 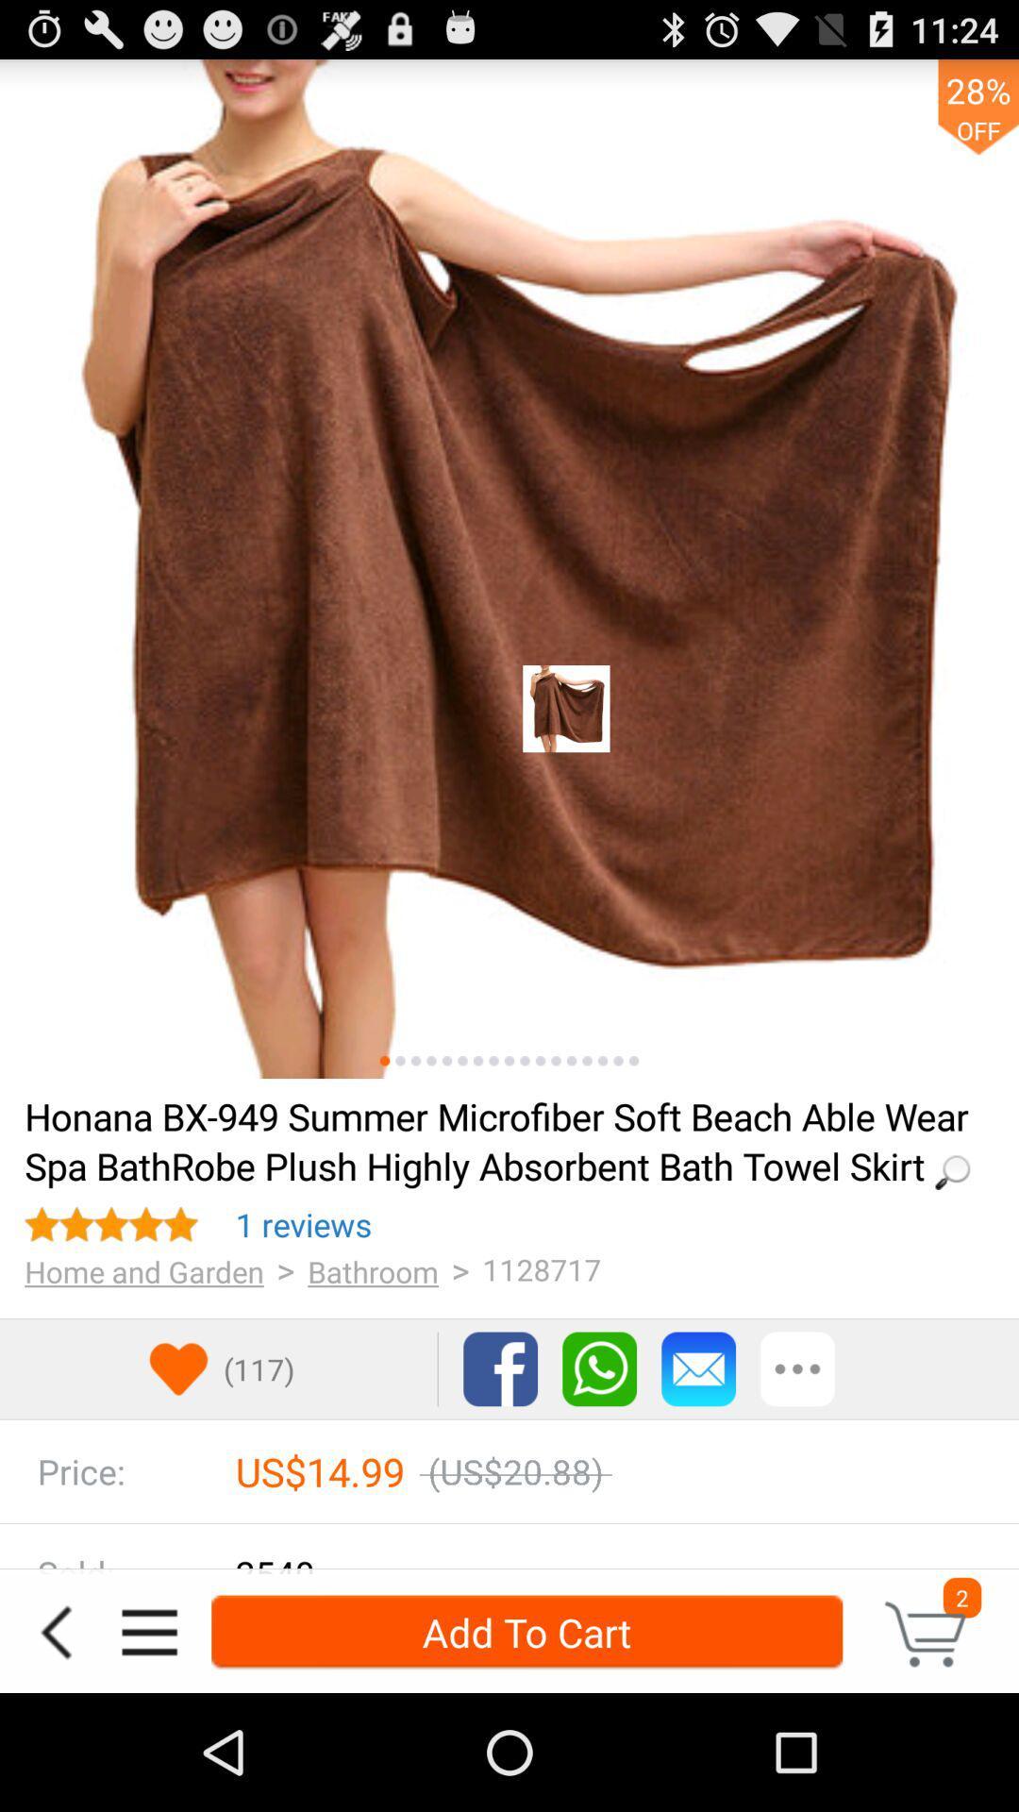 What do you see at coordinates (55, 1631) in the screenshot?
I see `go back` at bounding box center [55, 1631].